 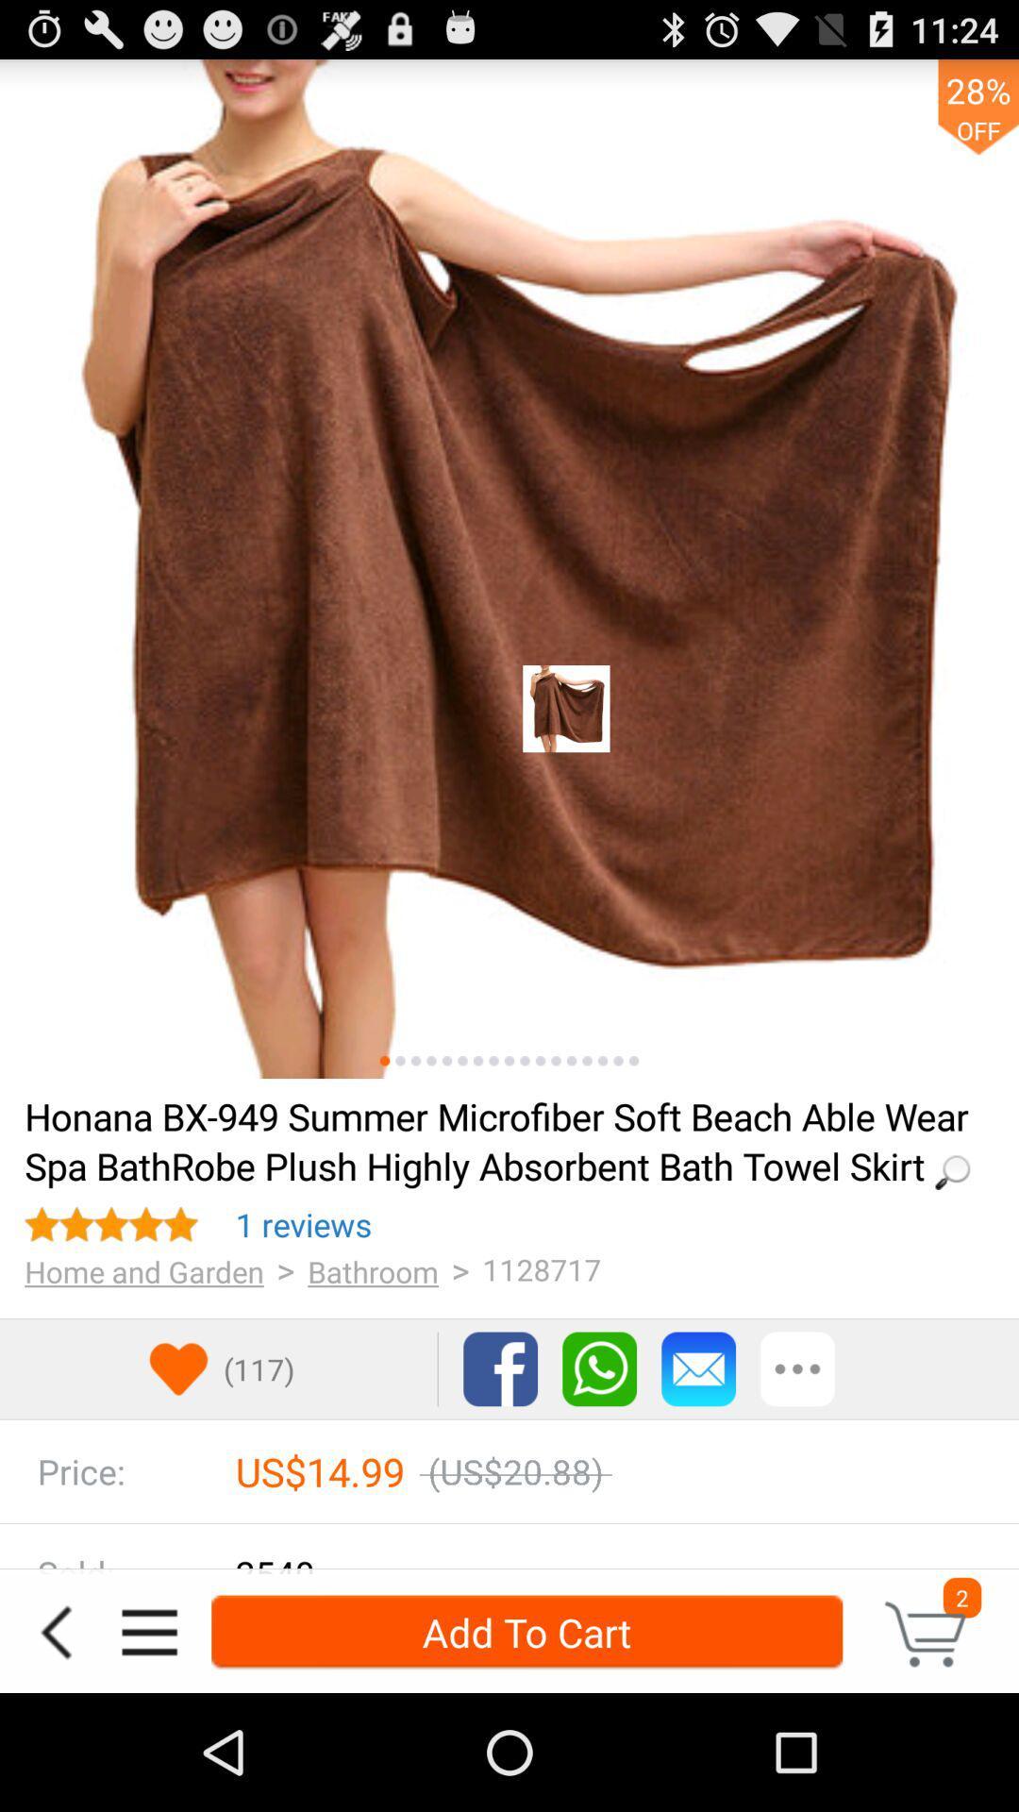 What do you see at coordinates (55, 1631) in the screenshot?
I see `go back` at bounding box center [55, 1631].